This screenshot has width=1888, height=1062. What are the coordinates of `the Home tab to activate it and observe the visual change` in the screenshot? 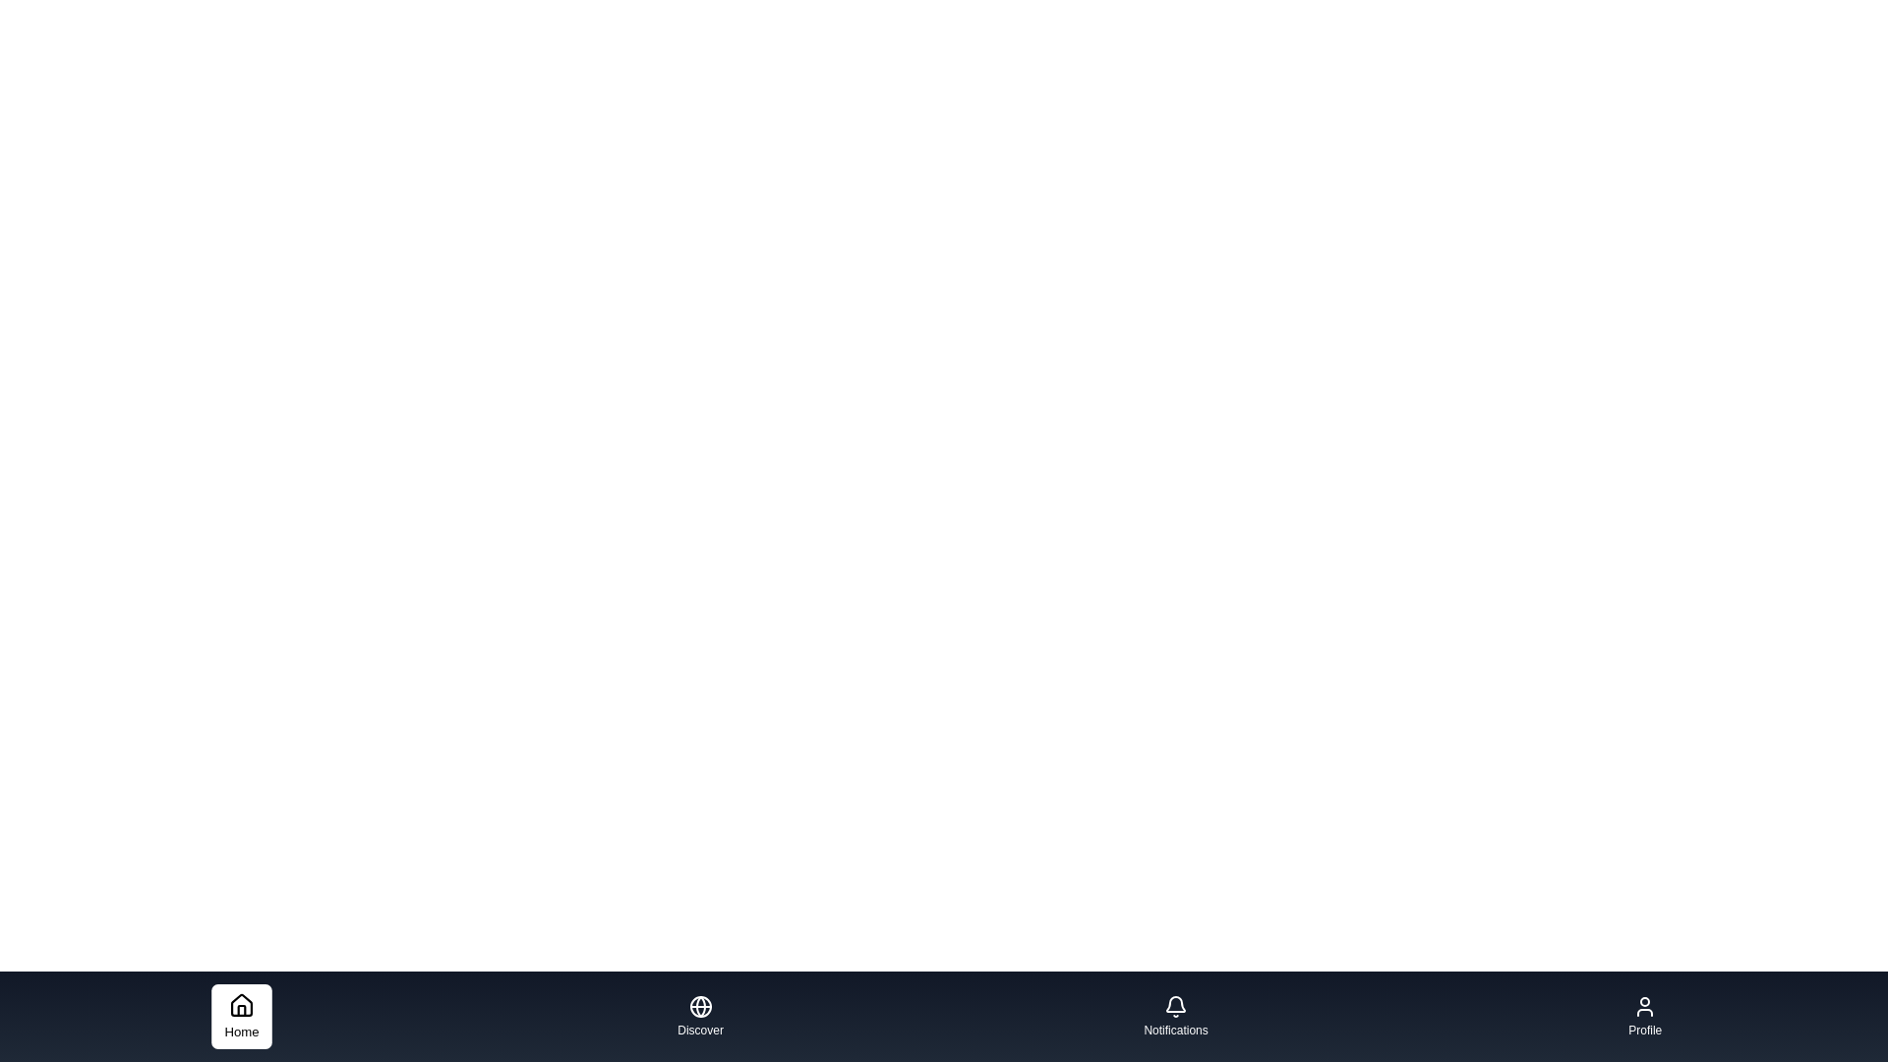 It's located at (239, 1016).